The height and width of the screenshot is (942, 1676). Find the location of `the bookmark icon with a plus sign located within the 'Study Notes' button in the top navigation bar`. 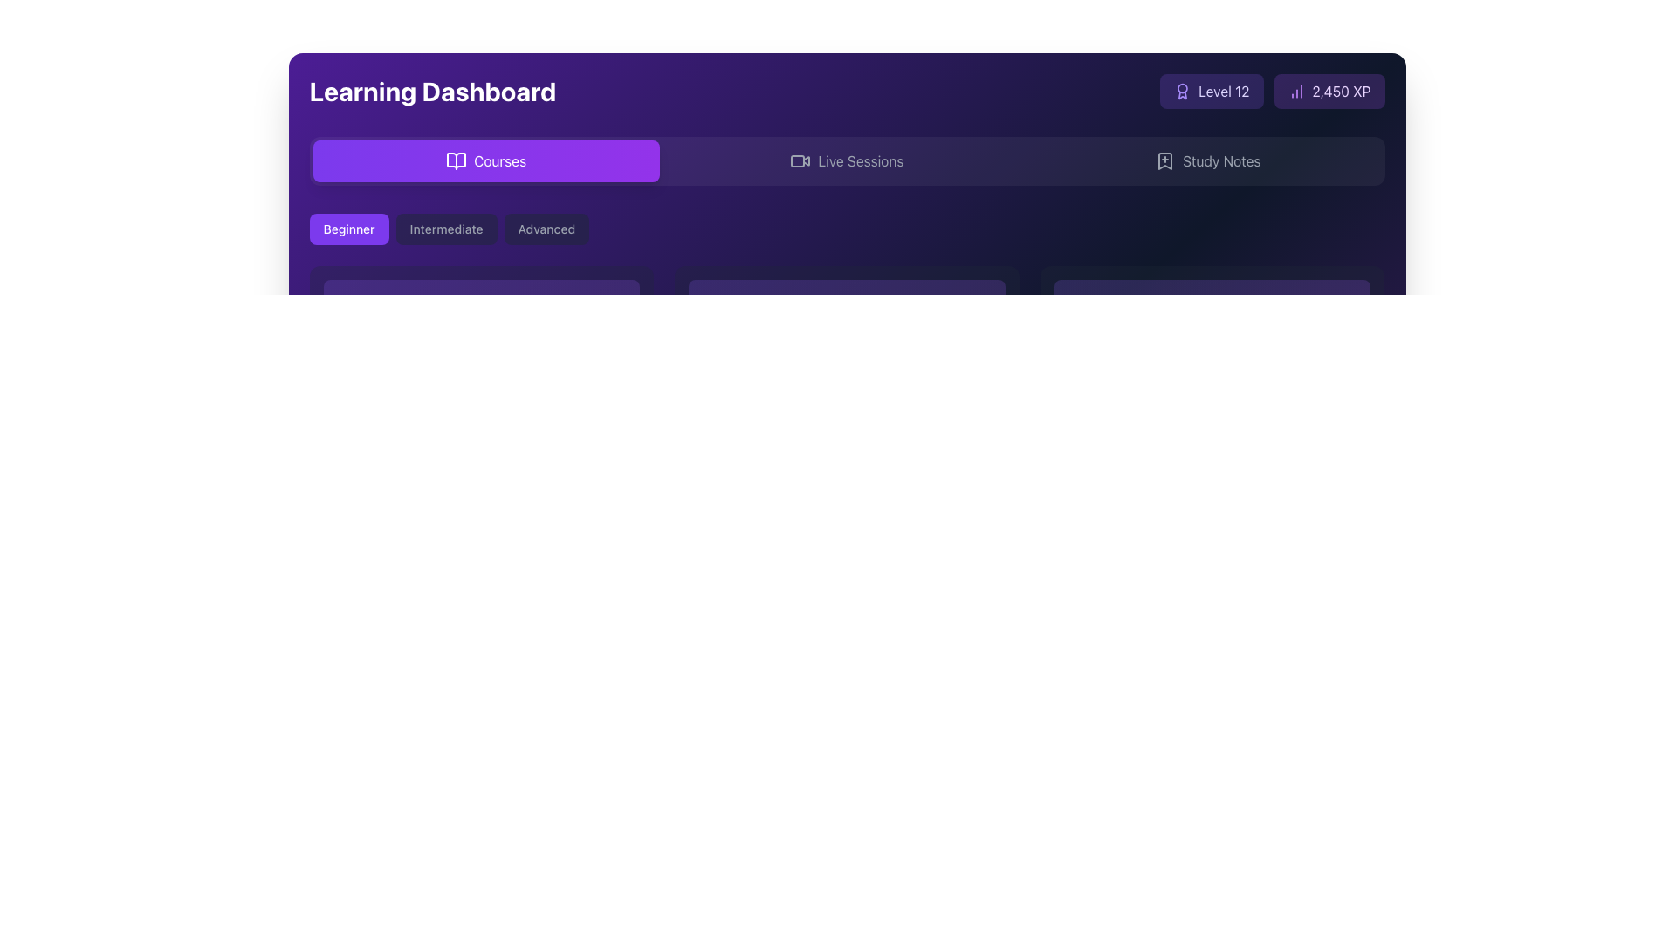

the bookmark icon with a plus sign located within the 'Study Notes' button in the top navigation bar is located at coordinates (1165, 161).